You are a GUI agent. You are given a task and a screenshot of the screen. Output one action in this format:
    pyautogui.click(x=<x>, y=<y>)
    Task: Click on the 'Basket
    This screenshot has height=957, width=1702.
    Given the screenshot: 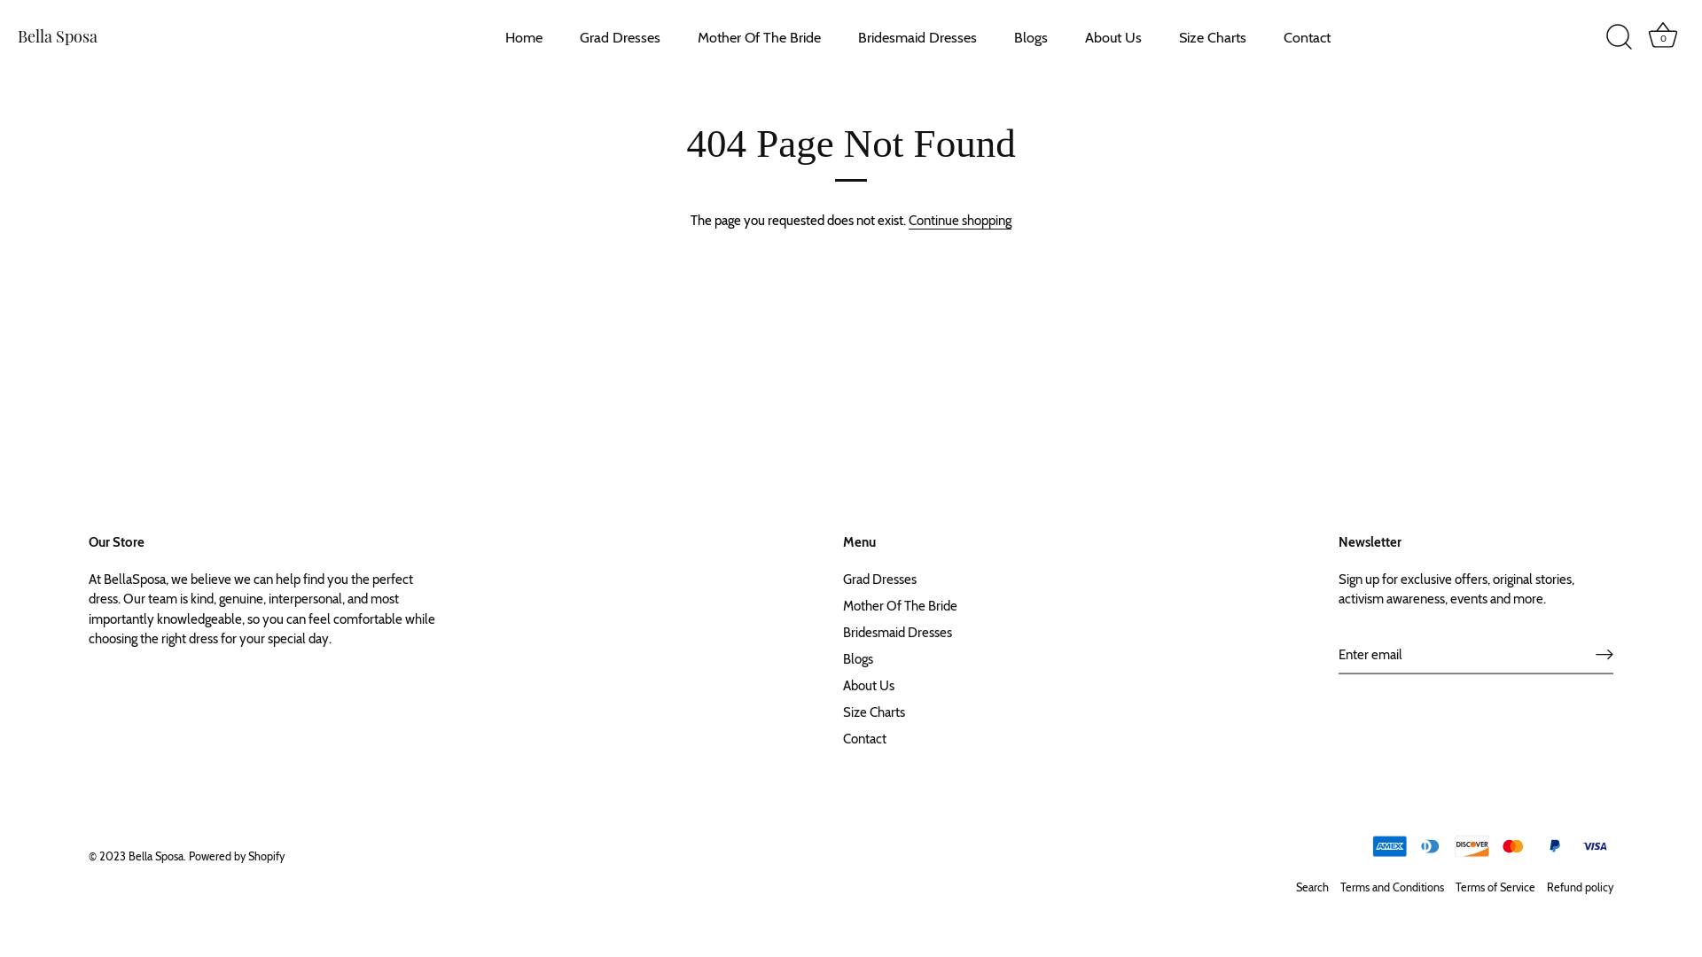 What is the action you would take?
    pyautogui.click(x=1642, y=37)
    